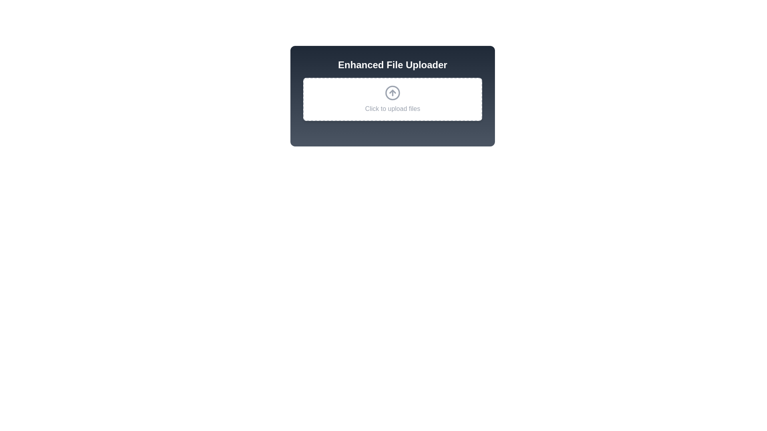  Describe the element at coordinates (393, 92) in the screenshot. I see `the circular icon with an upward-pointing arrow, located above the text 'Click to upload files'` at that location.